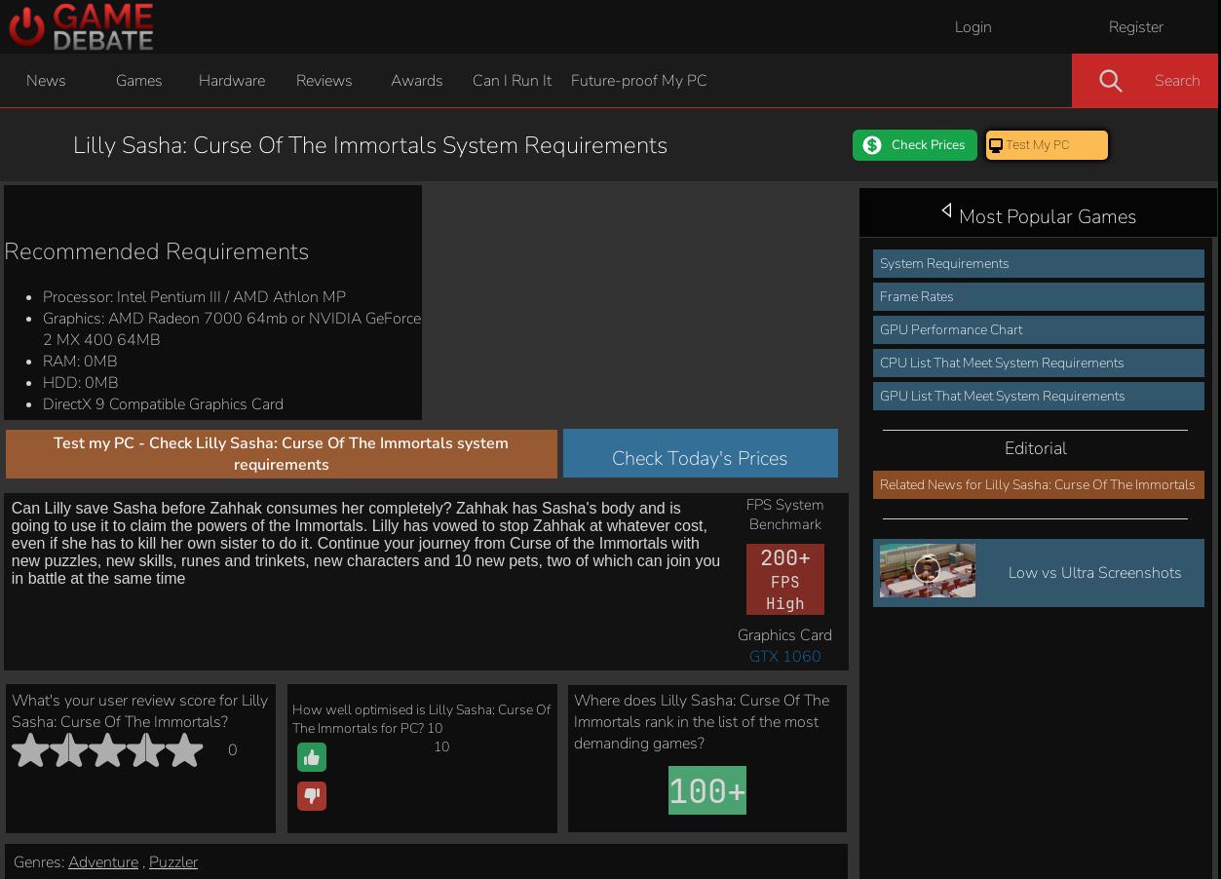  Describe the element at coordinates (1058, 447) in the screenshot. I see `'Alternative Game Tags: LillySashaCurseOfTheImmortals, Lilly Sasha Curse Of The Immortals, Lilly Sasha: Curse Of The Immortals requirements'` at that location.